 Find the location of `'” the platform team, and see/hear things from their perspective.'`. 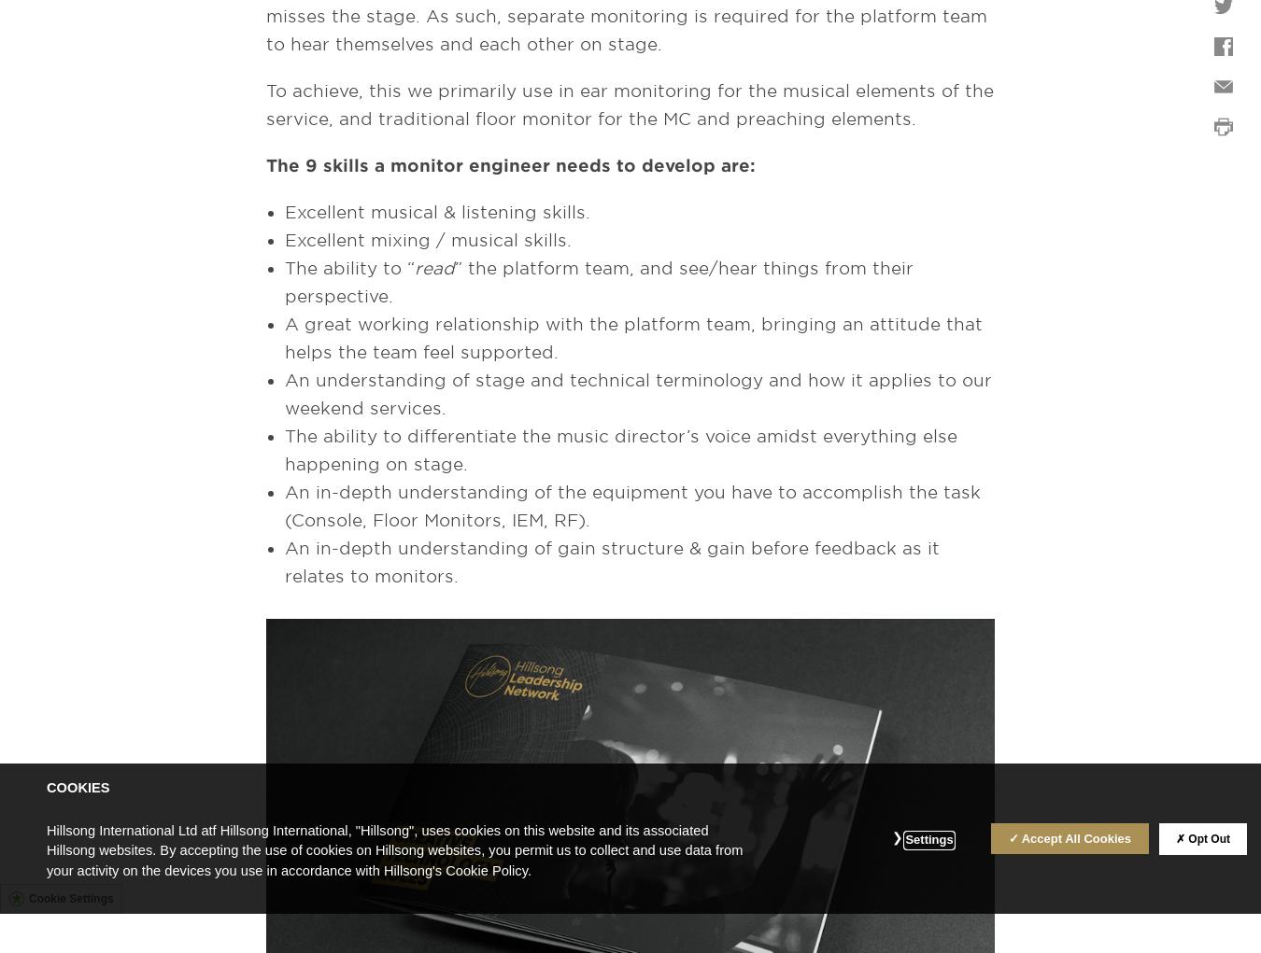

'” the platform team, and see/hear things from their perspective.' is located at coordinates (283, 282).